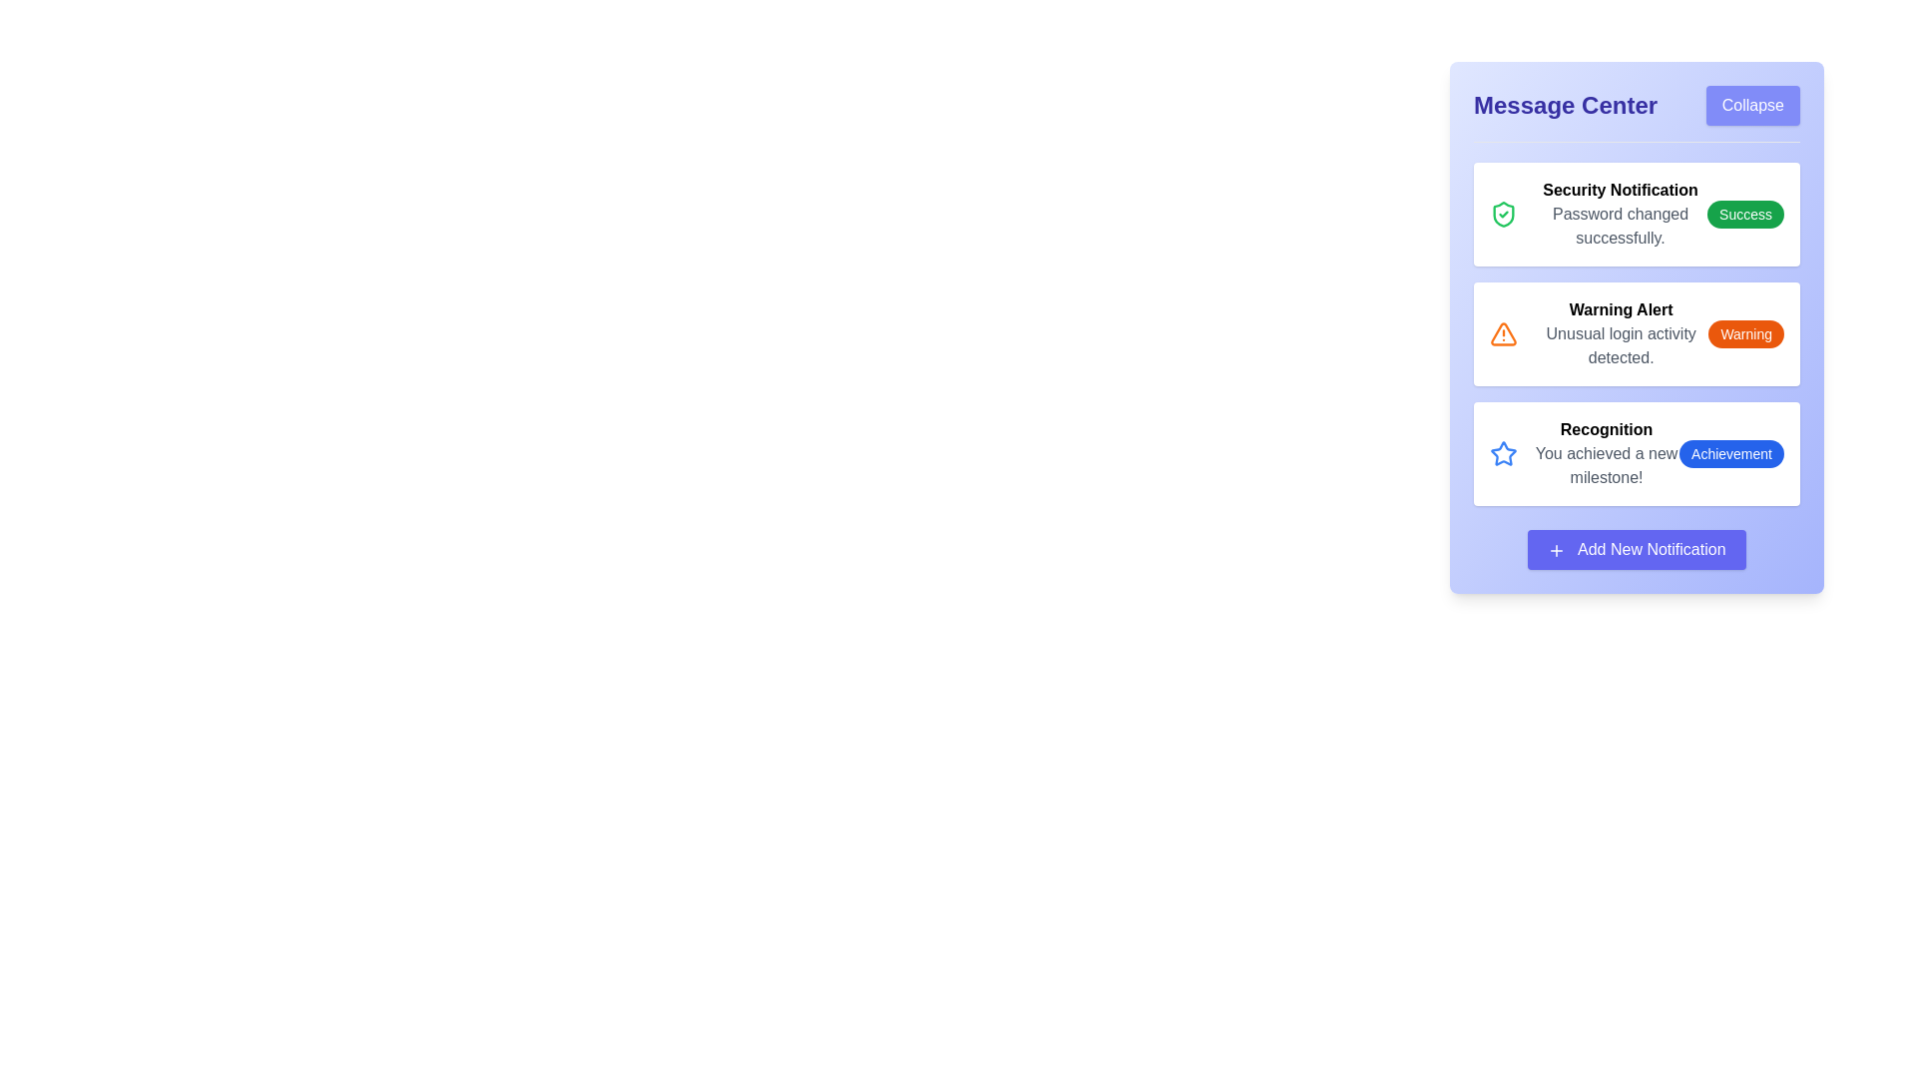 This screenshot has width=1916, height=1078. What do you see at coordinates (1730, 454) in the screenshot?
I see `the 'Achievement' badge button with a vibrant blue background located in the 'Recognition' notification card` at bounding box center [1730, 454].